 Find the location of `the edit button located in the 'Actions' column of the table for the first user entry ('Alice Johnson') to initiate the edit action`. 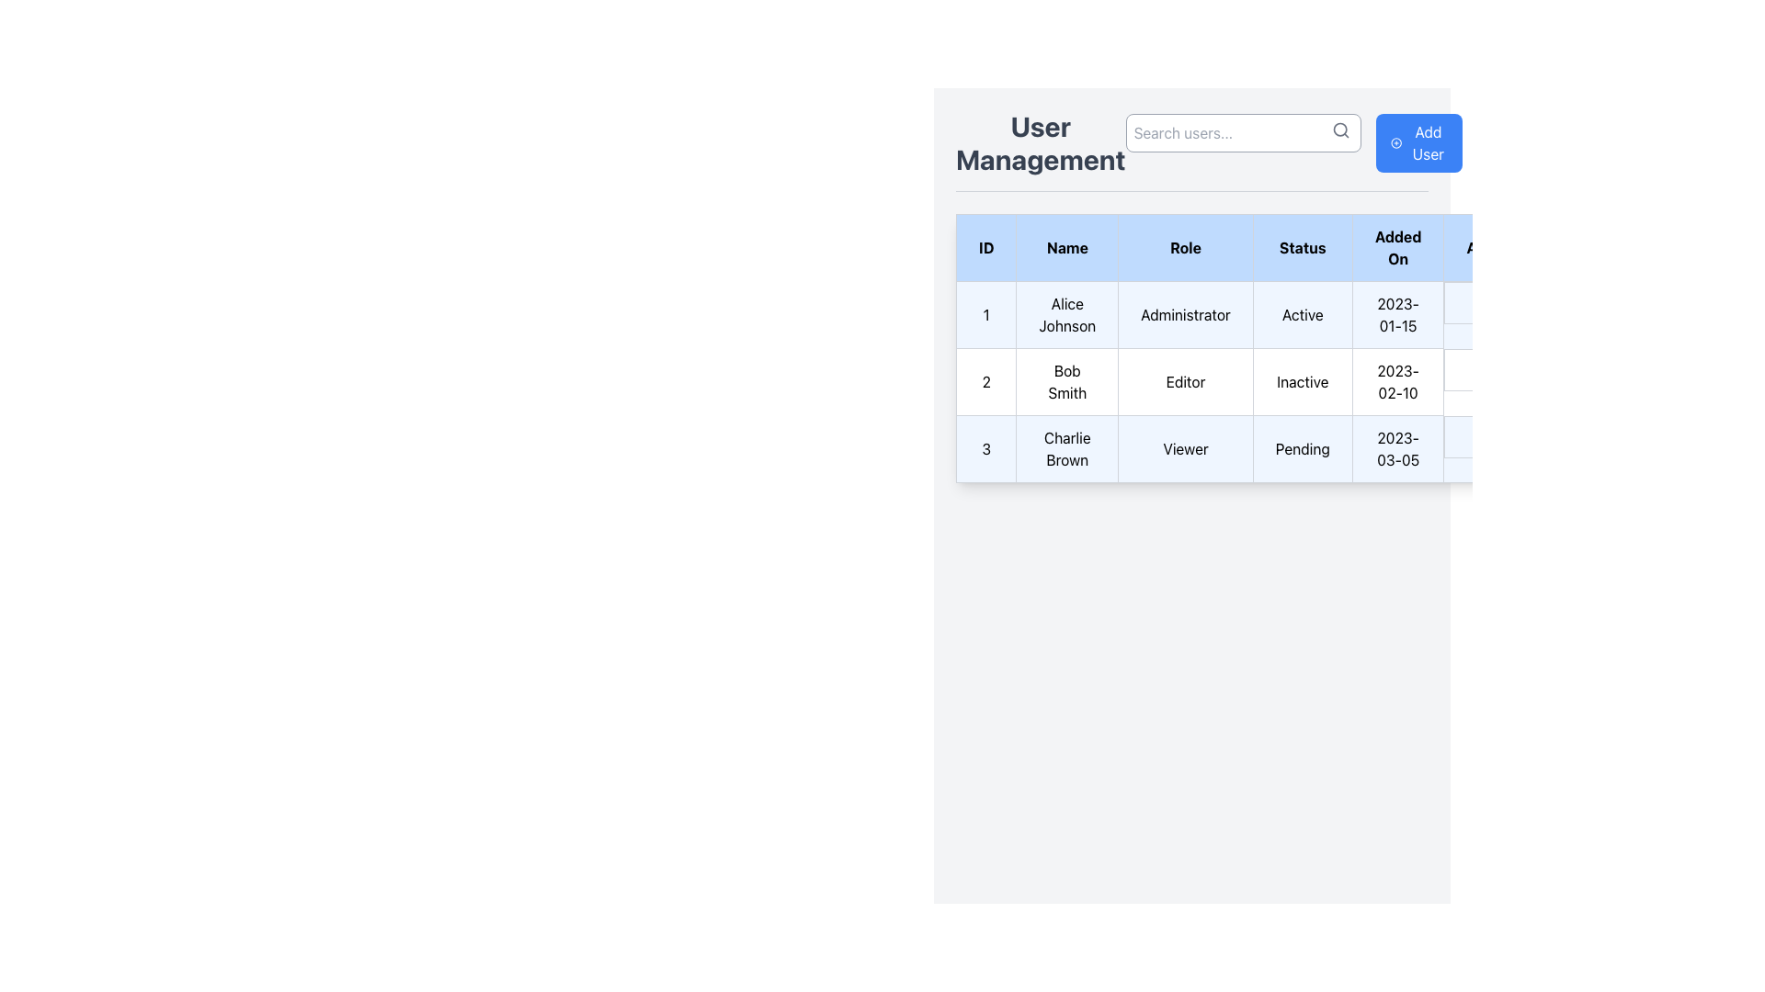

the edit button located in the 'Actions' column of the table for the first user entry ('Alice Johnson') to initiate the edit action is located at coordinates (1480, 302).